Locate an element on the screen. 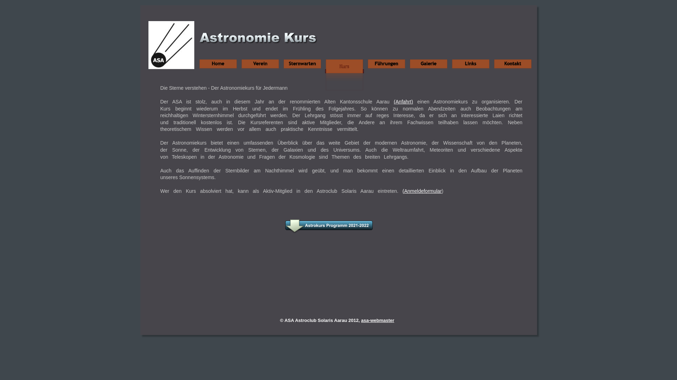 The image size is (677, 380). 'Anmeldeformular' is located at coordinates (404, 191).